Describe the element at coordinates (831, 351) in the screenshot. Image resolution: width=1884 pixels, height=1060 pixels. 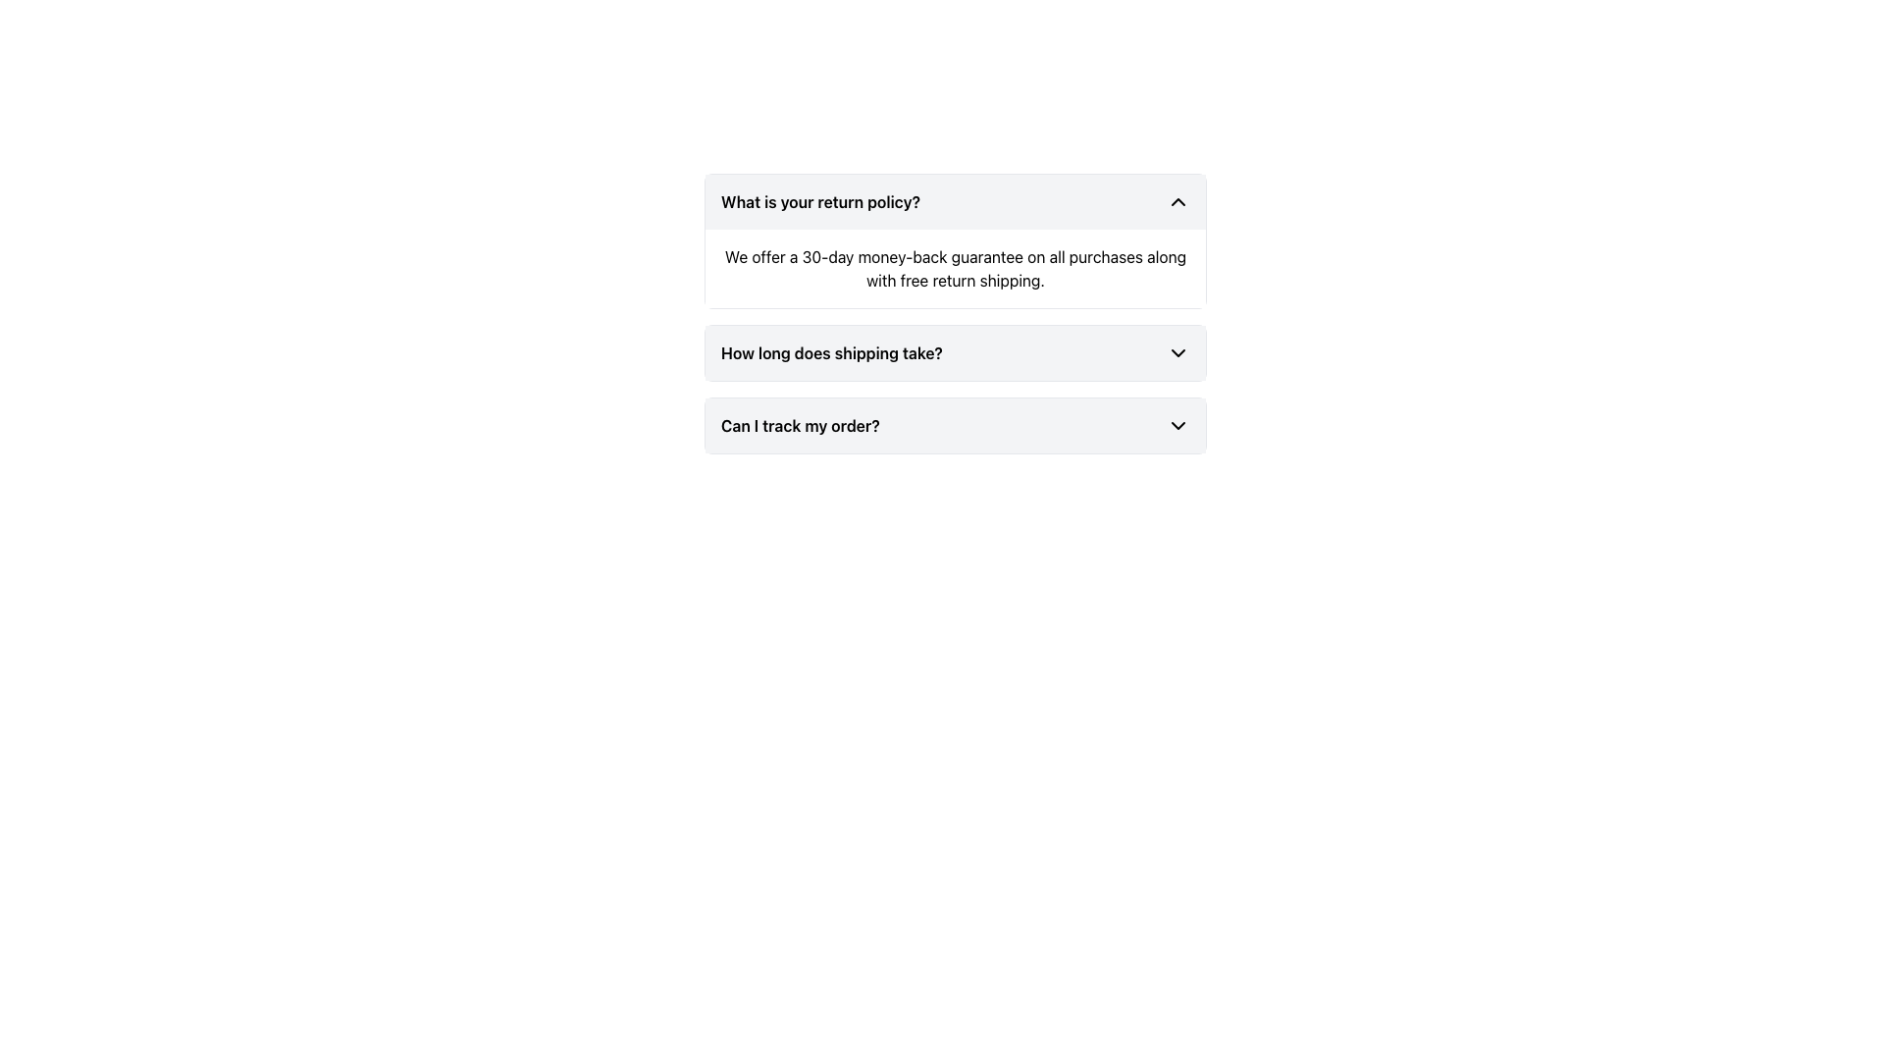
I see `the text label that reads 'How long does shipping take?'` at that location.